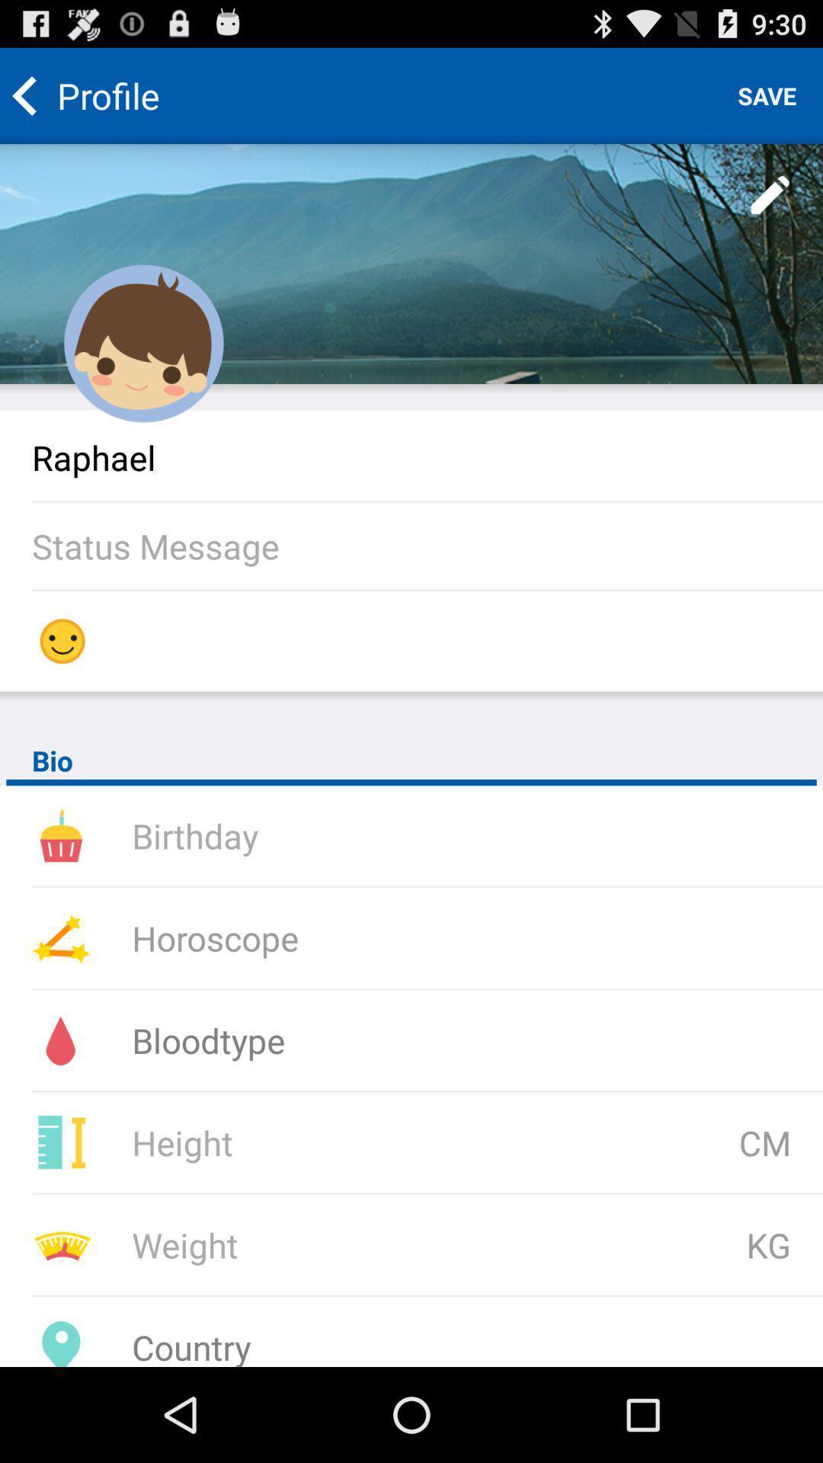  I want to click on height field, so click(331, 1142).